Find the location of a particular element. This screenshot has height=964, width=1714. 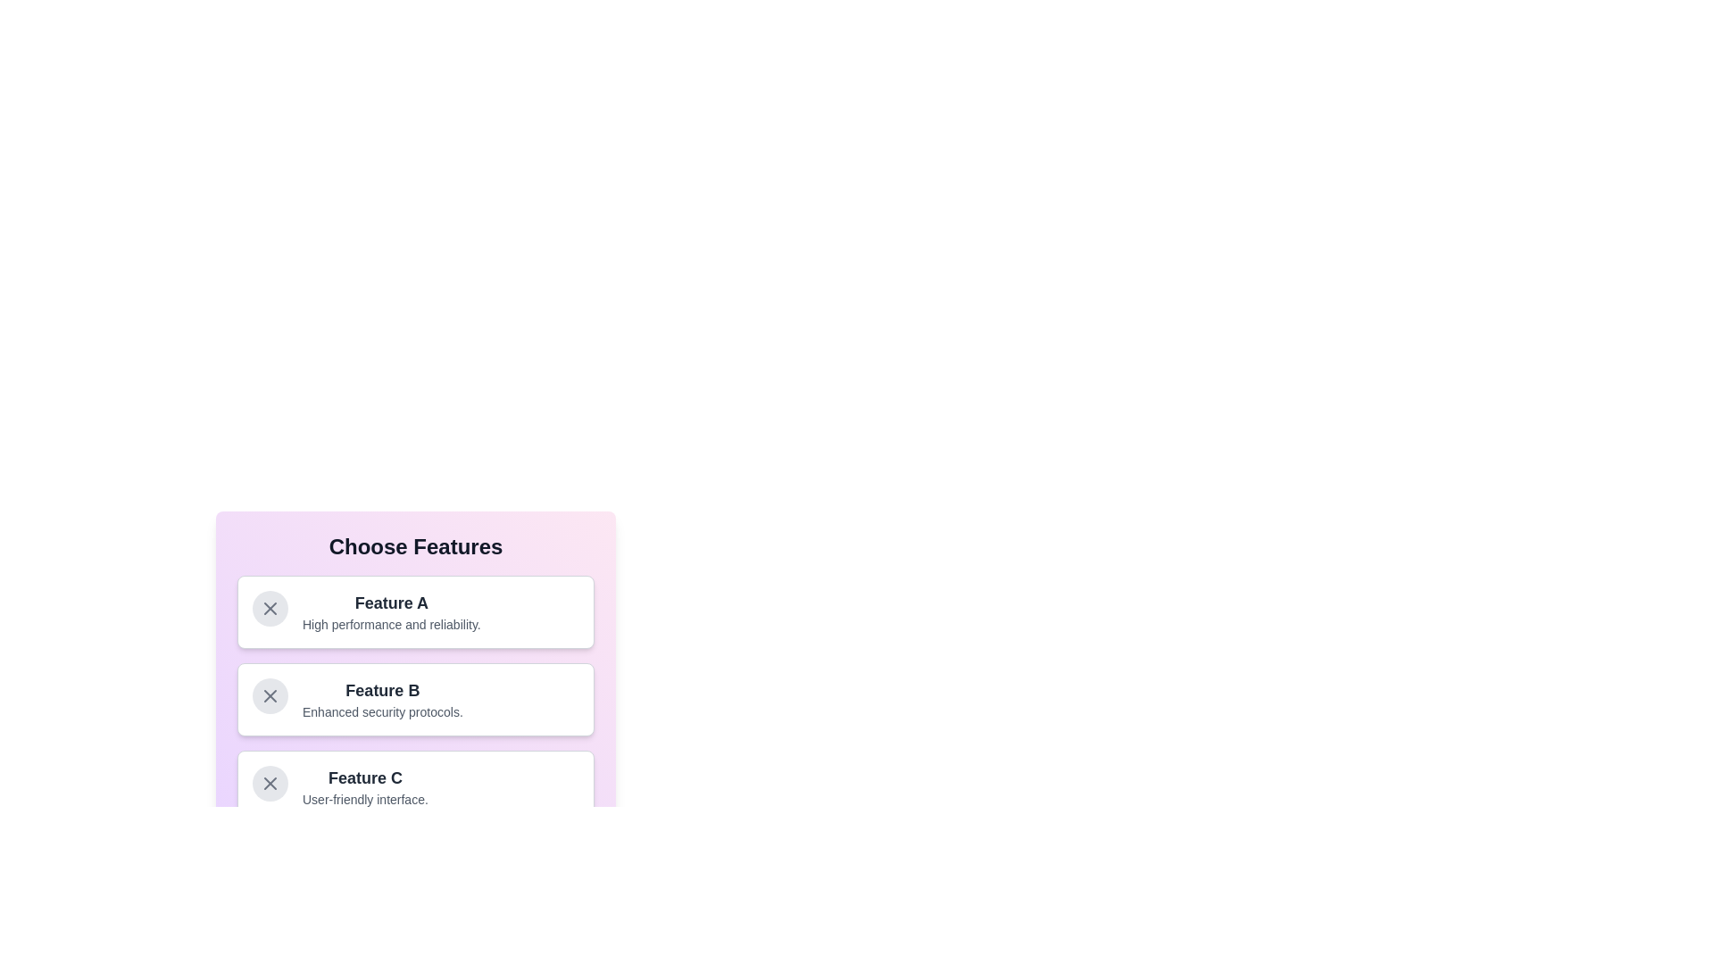

the close icon located inside the circular component of the 'Feature C' option block is located at coordinates (269, 783).